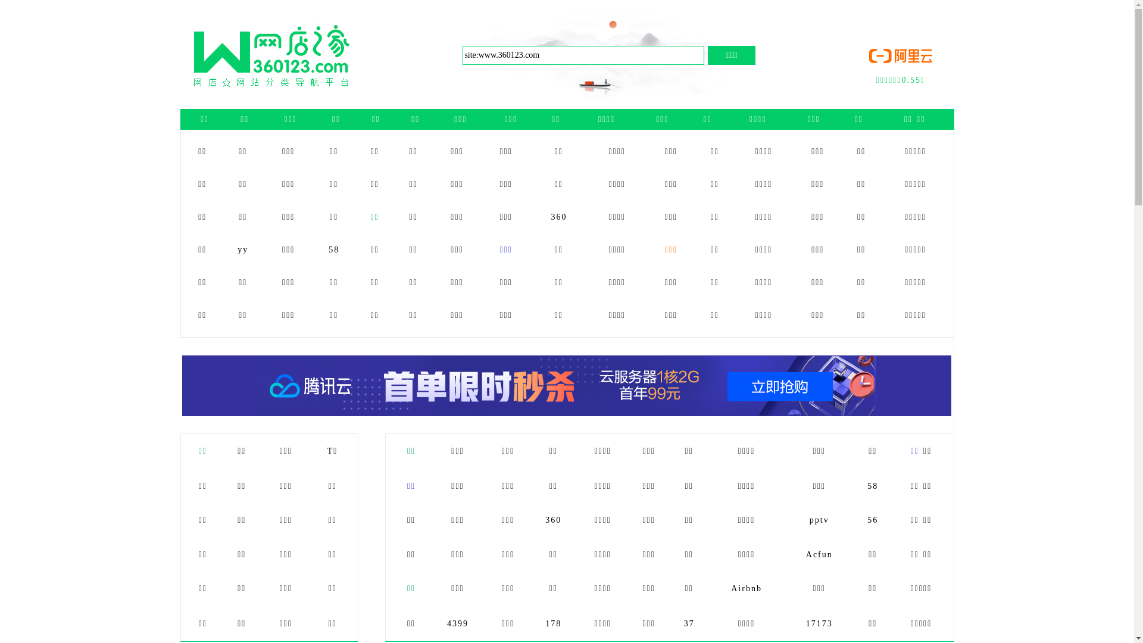 This screenshot has height=643, width=1143. What do you see at coordinates (457, 623) in the screenshot?
I see `'4399'` at bounding box center [457, 623].